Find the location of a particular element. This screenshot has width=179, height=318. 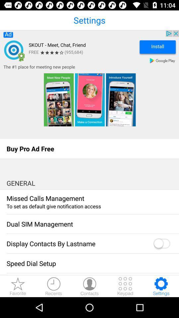

icons is located at coordinates (125, 286).